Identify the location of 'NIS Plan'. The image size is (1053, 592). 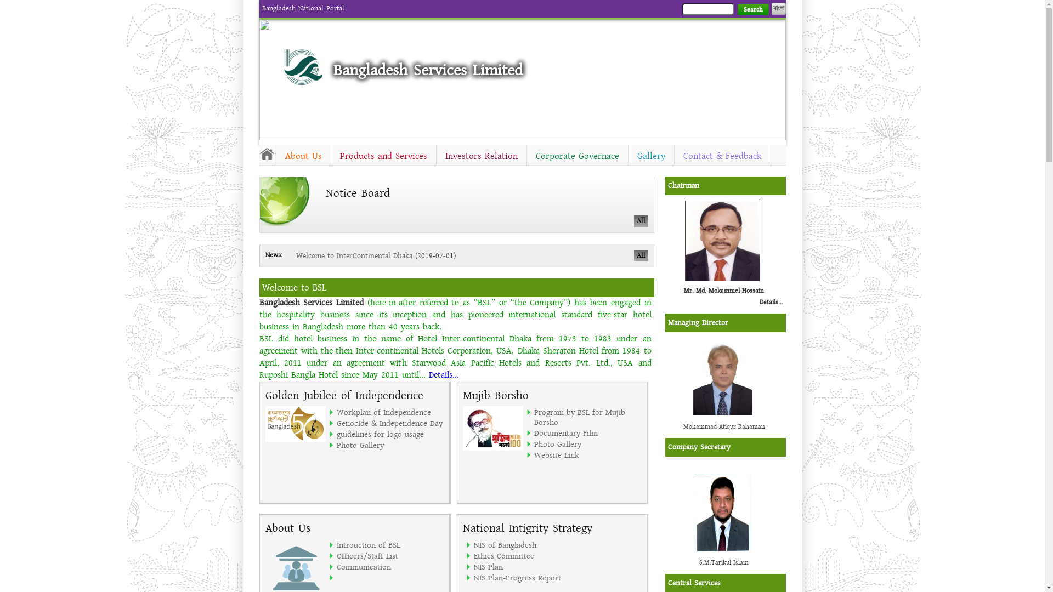
(527, 566).